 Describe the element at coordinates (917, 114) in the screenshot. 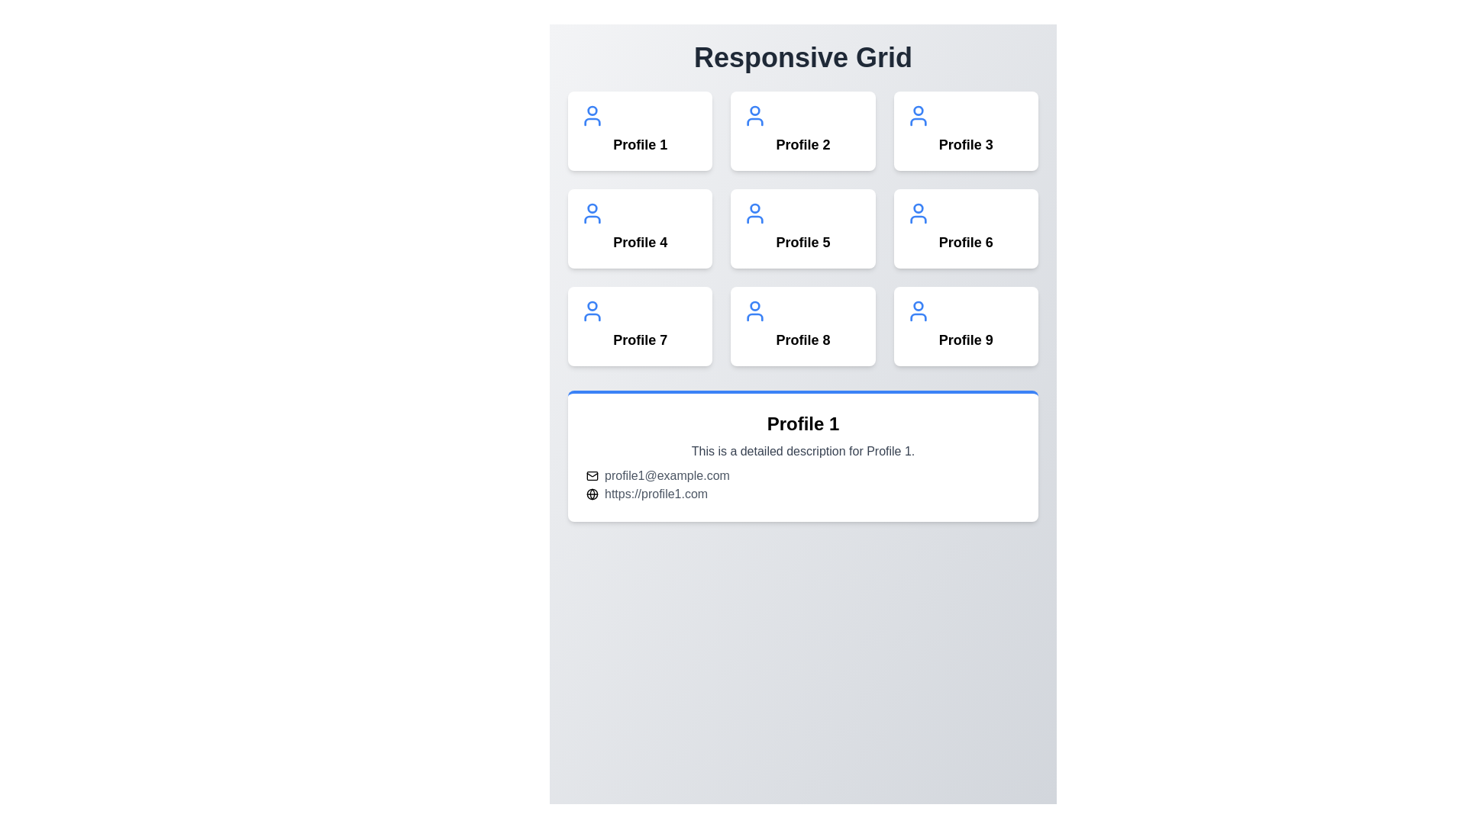

I see `the blue-colored user icon with a rounded head and a curved body located at the upper center of the box labeled 'Profile 3'` at that location.